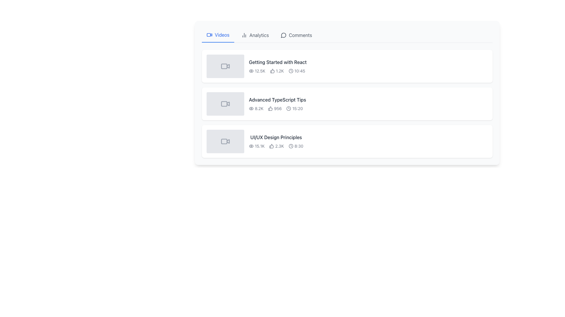 Image resolution: width=565 pixels, height=317 pixels. Describe the element at coordinates (276, 146) in the screenshot. I see `the thumbs-up icon with the text '2.3K' in the list of video details for 'UI/UX Design Principles'` at that location.